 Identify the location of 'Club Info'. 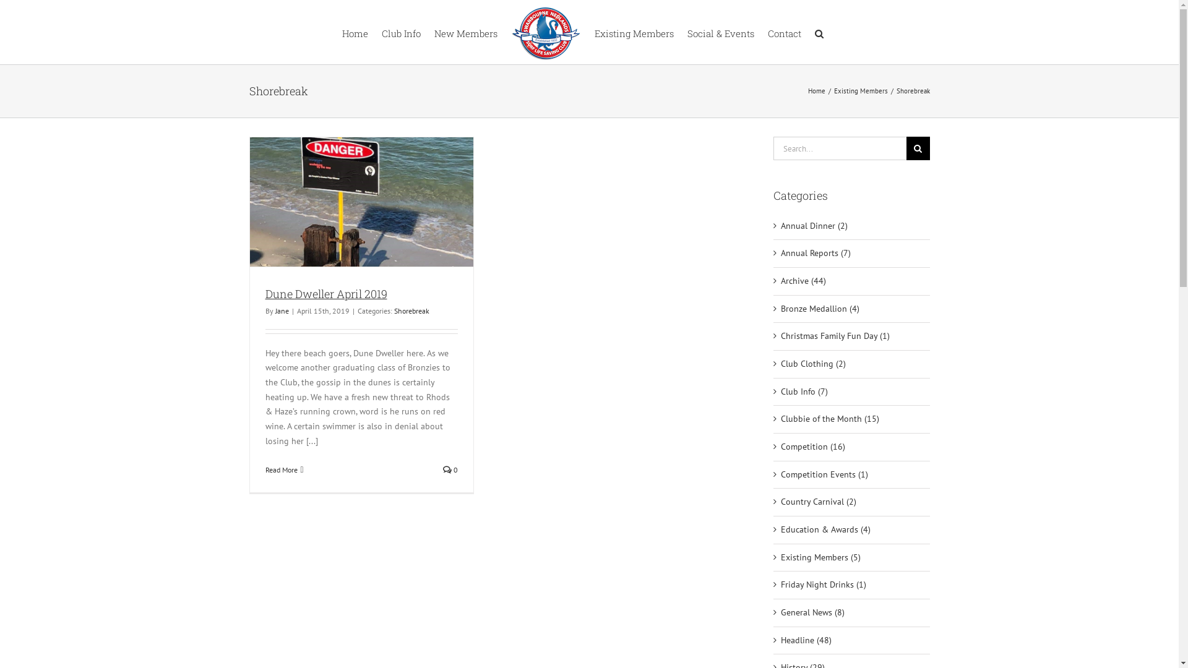
(400, 31).